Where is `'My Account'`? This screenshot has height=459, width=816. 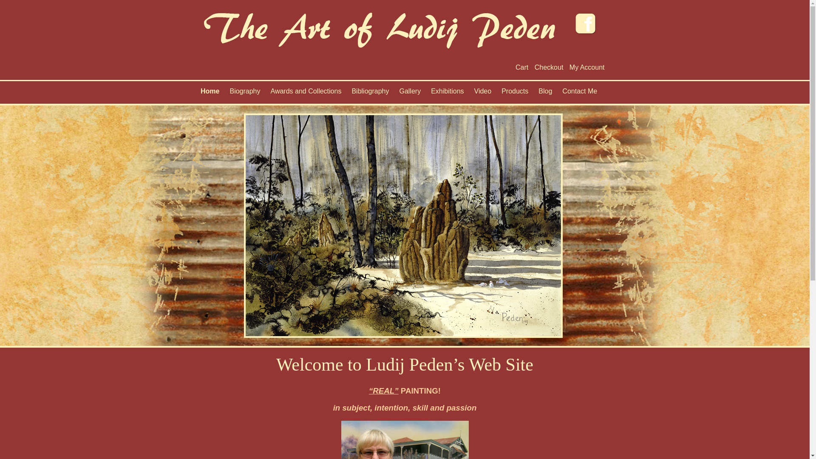
'My Account' is located at coordinates (586, 67).